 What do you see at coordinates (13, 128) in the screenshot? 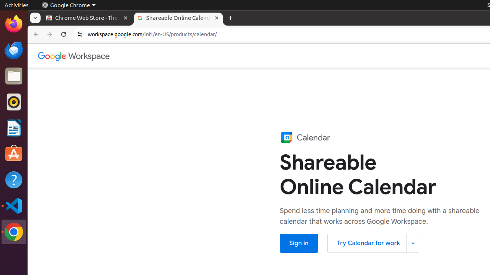
I see `'LibreOffice Writer'` at bounding box center [13, 128].